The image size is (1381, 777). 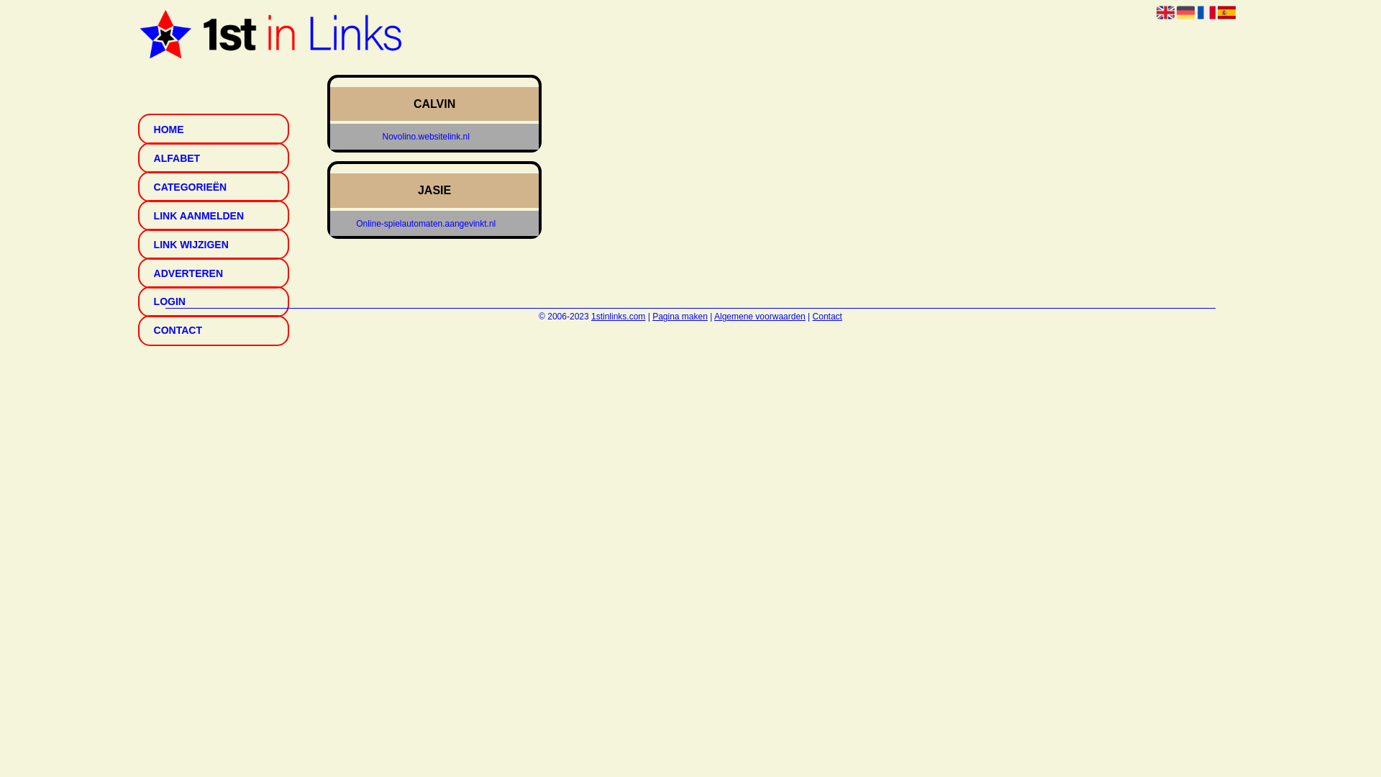 What do you see at coordinates (213, 273) in the screenshot?
I see `'ADVERTEREN'` at bounding box center [213, 273].